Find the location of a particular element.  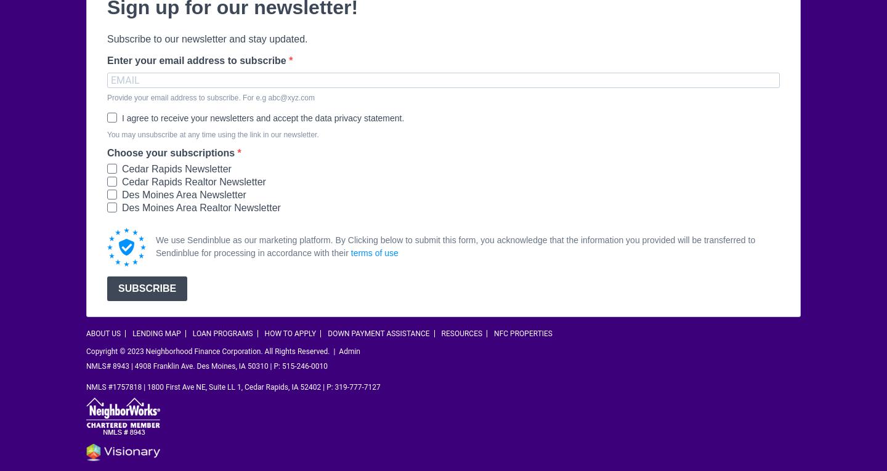

'Visionary Services' is located at coordinates (278, 446).